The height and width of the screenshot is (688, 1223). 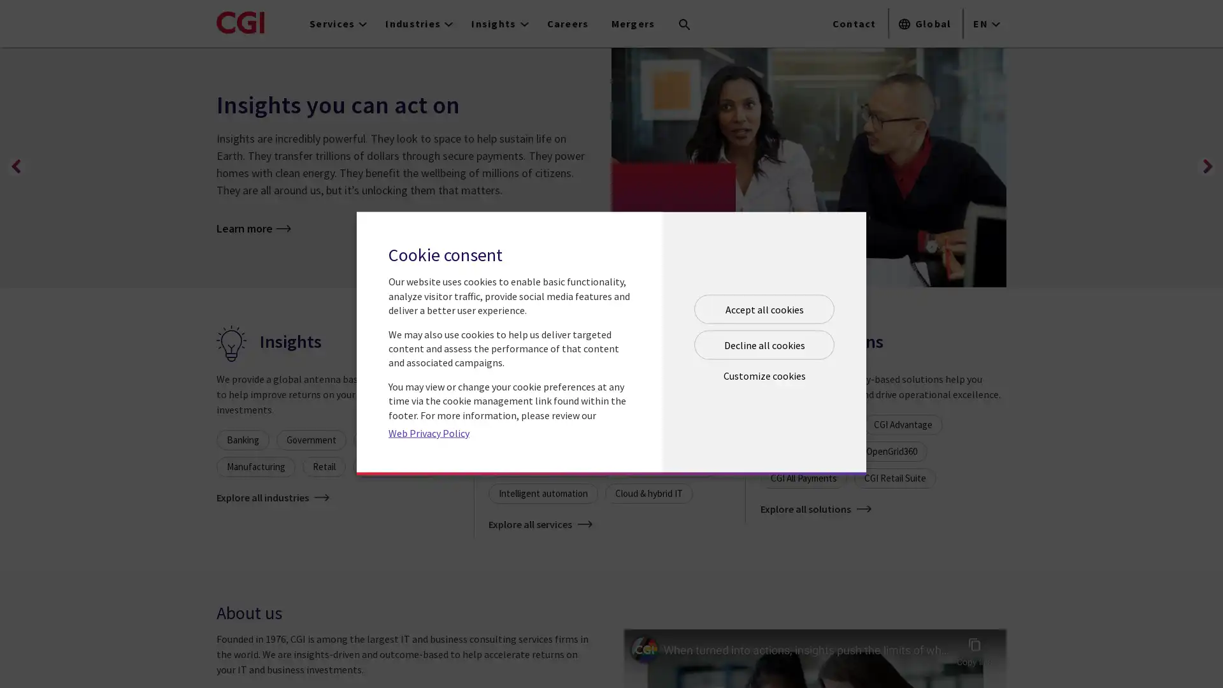 I want to click on Next, so click(x=1206, y=166).